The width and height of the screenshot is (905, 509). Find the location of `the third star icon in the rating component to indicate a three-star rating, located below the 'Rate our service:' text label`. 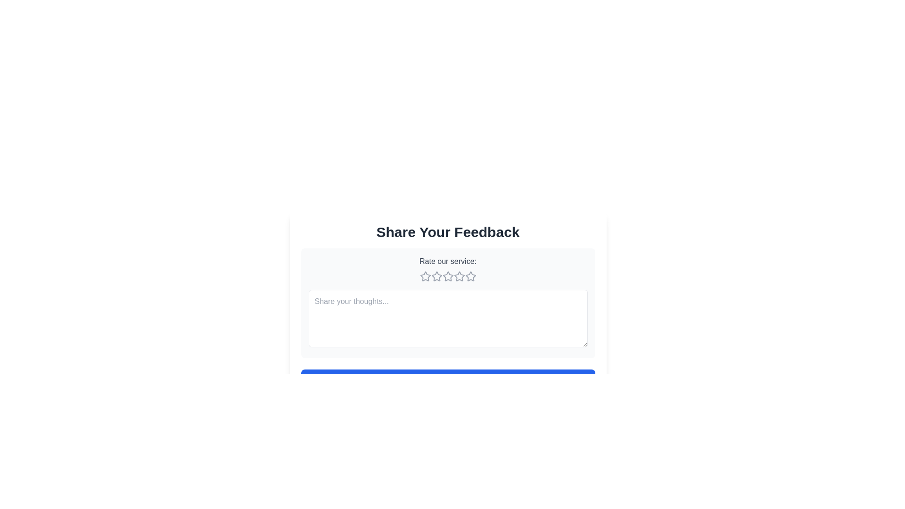

the third star icon in the rating component to indicate a three-star rating, located below the 'Rate our service:' text label is located at coordinates (447, 276).